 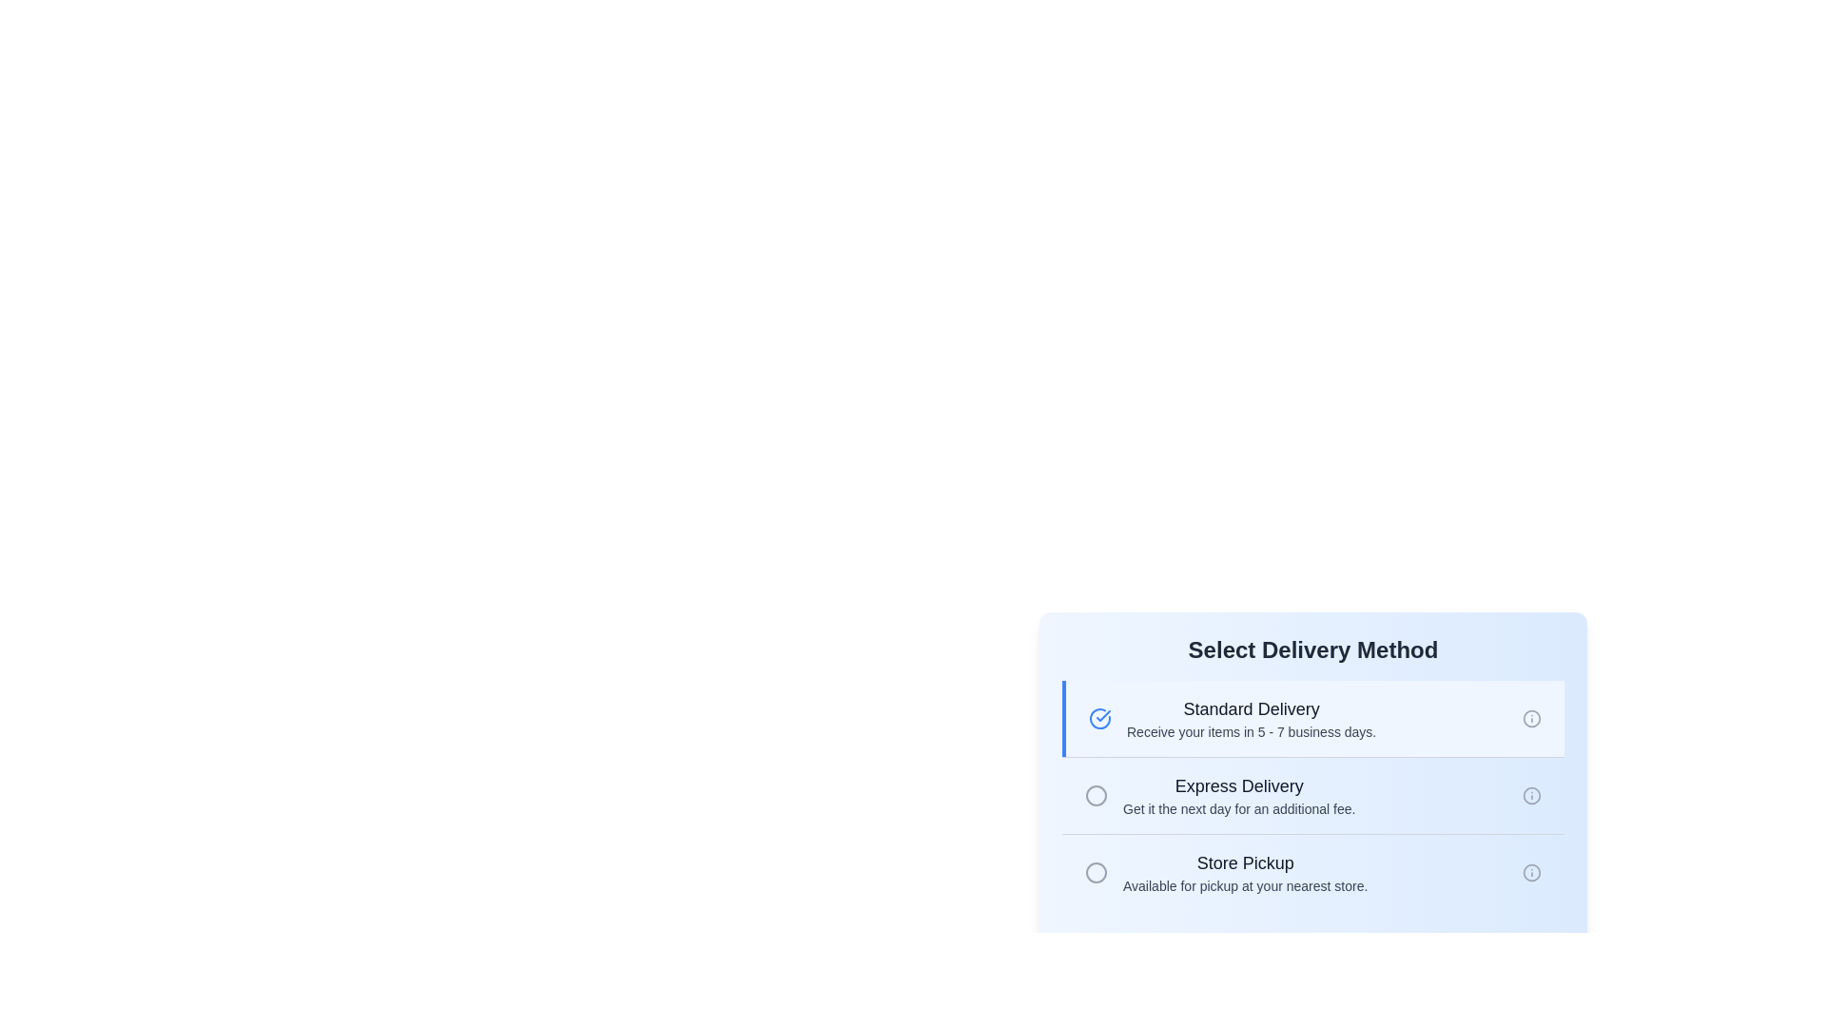 What do you see at coordinates (1532, 873) in the screenshot?
I see `the Info symbol located at the right end of the 'Store Pickup' section` at bounding box center [1532, 873].